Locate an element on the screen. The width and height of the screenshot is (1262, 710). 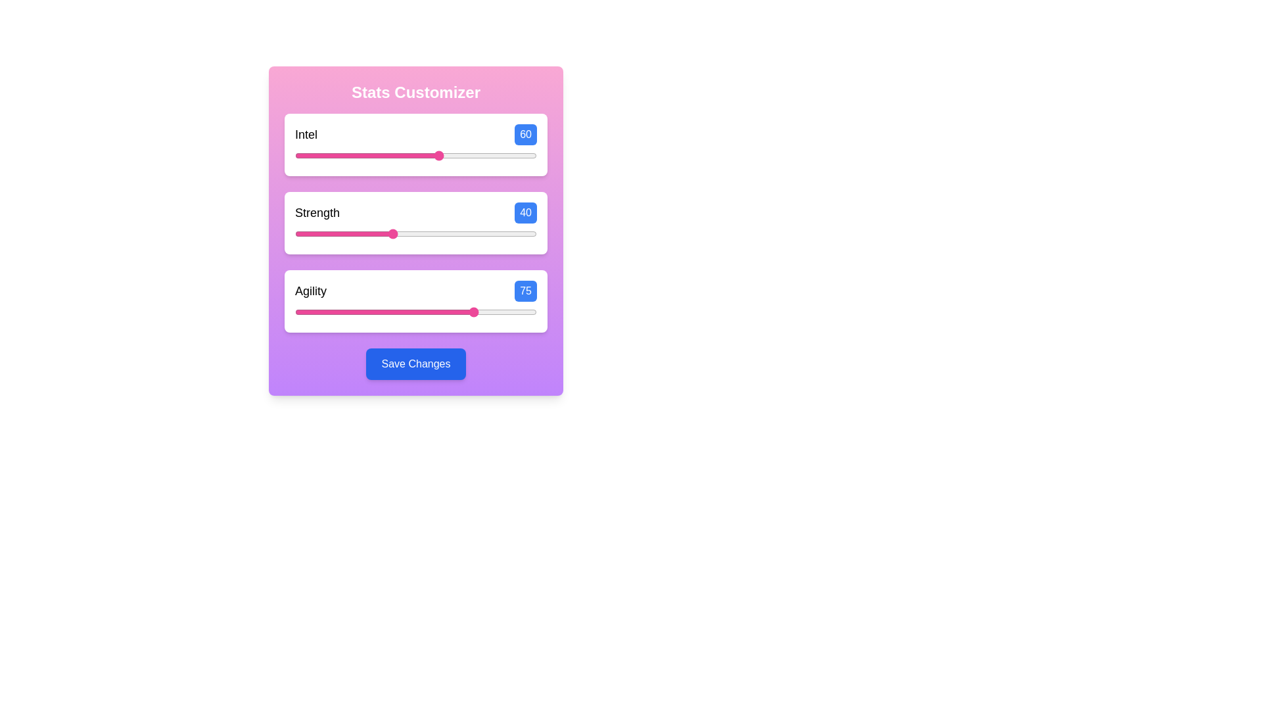
the Strength slider is located at coordinates (299, 233).